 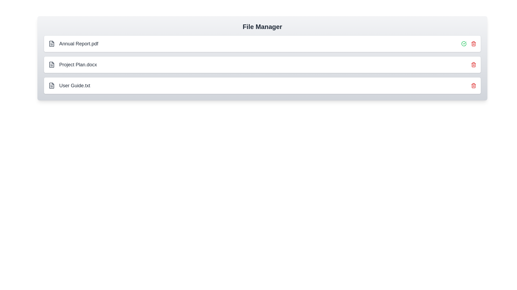 I want to click on the file entry named 'Project Plan.docx' in the file manager, which is the second item in the list between 'Annual Report.pdf' and 'User Guide.txt', so click(x=262, y=64).